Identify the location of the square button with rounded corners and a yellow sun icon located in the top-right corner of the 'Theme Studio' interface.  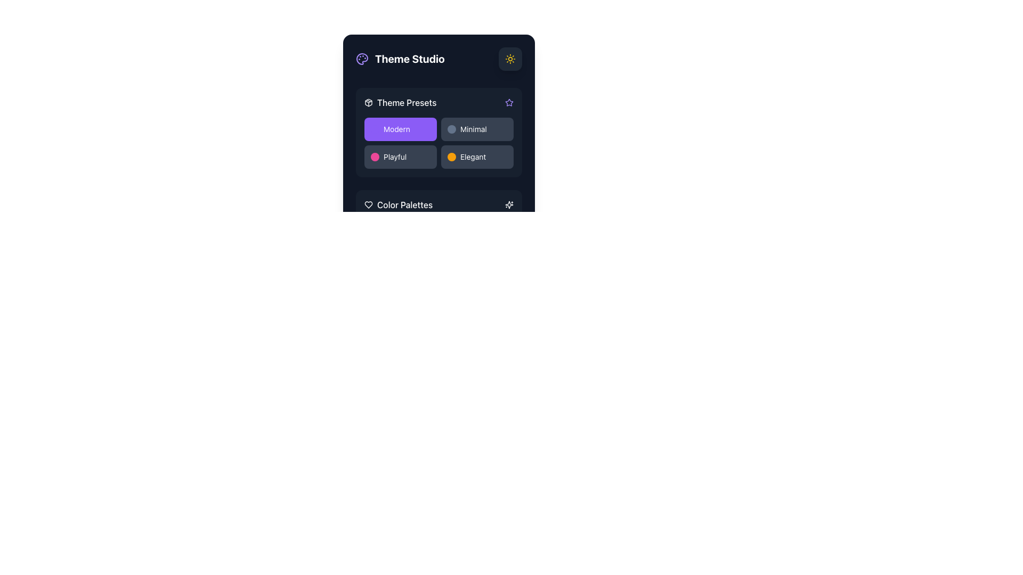
(510, 59).